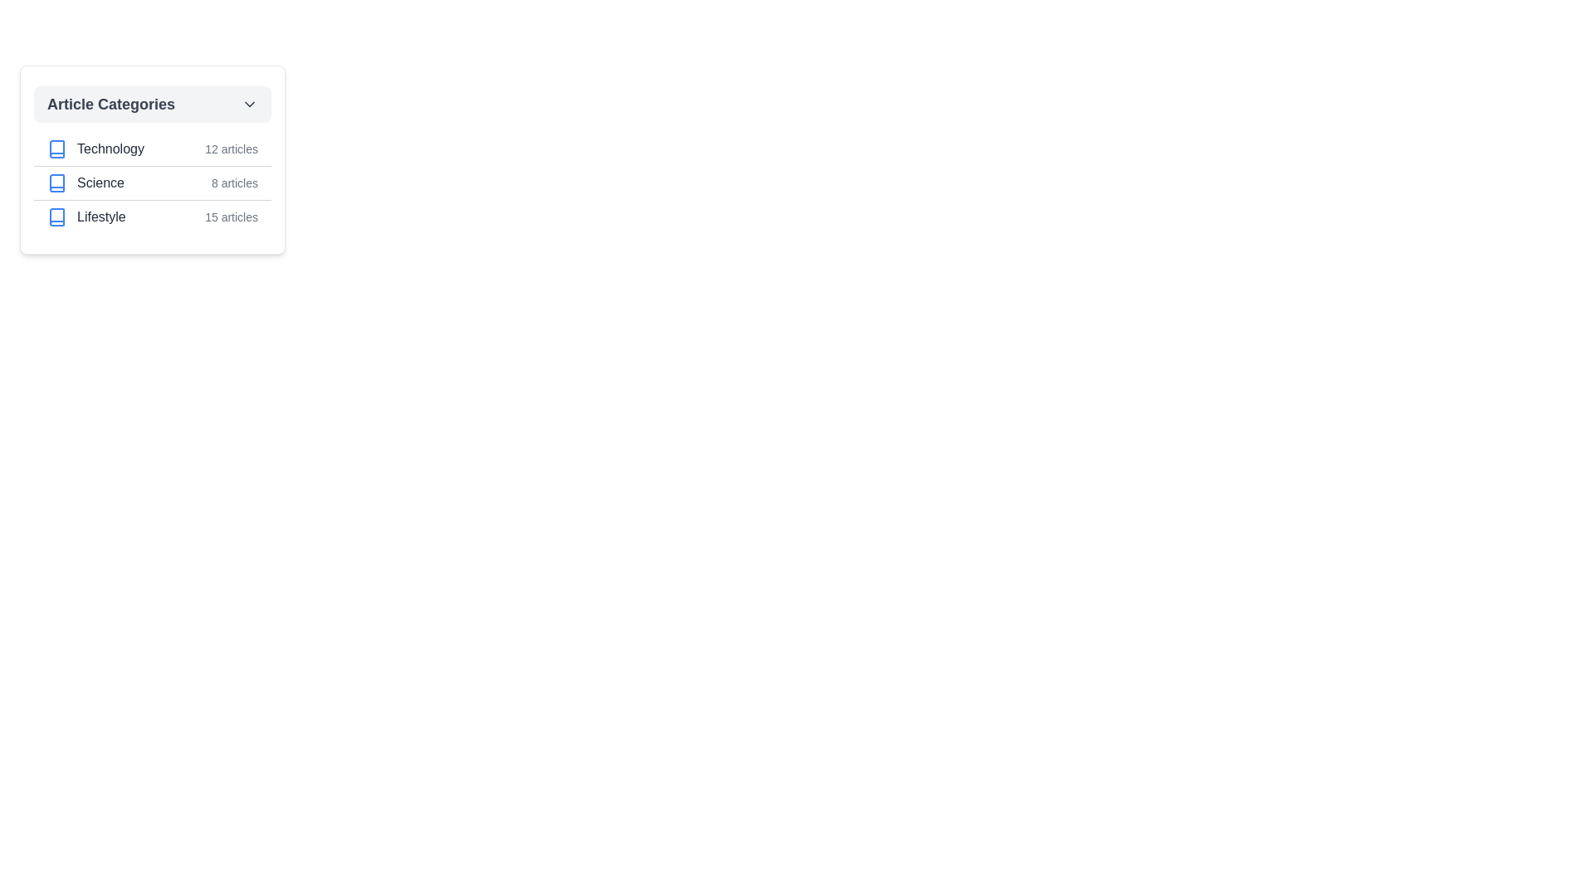  Describe the element at coordinates (152, 159) in the screenshot. I see `the first list item under the 'Article Categories' section, which displays the sections Technology, Science, and Lifestyle with their respective icons and article counts` at that location.